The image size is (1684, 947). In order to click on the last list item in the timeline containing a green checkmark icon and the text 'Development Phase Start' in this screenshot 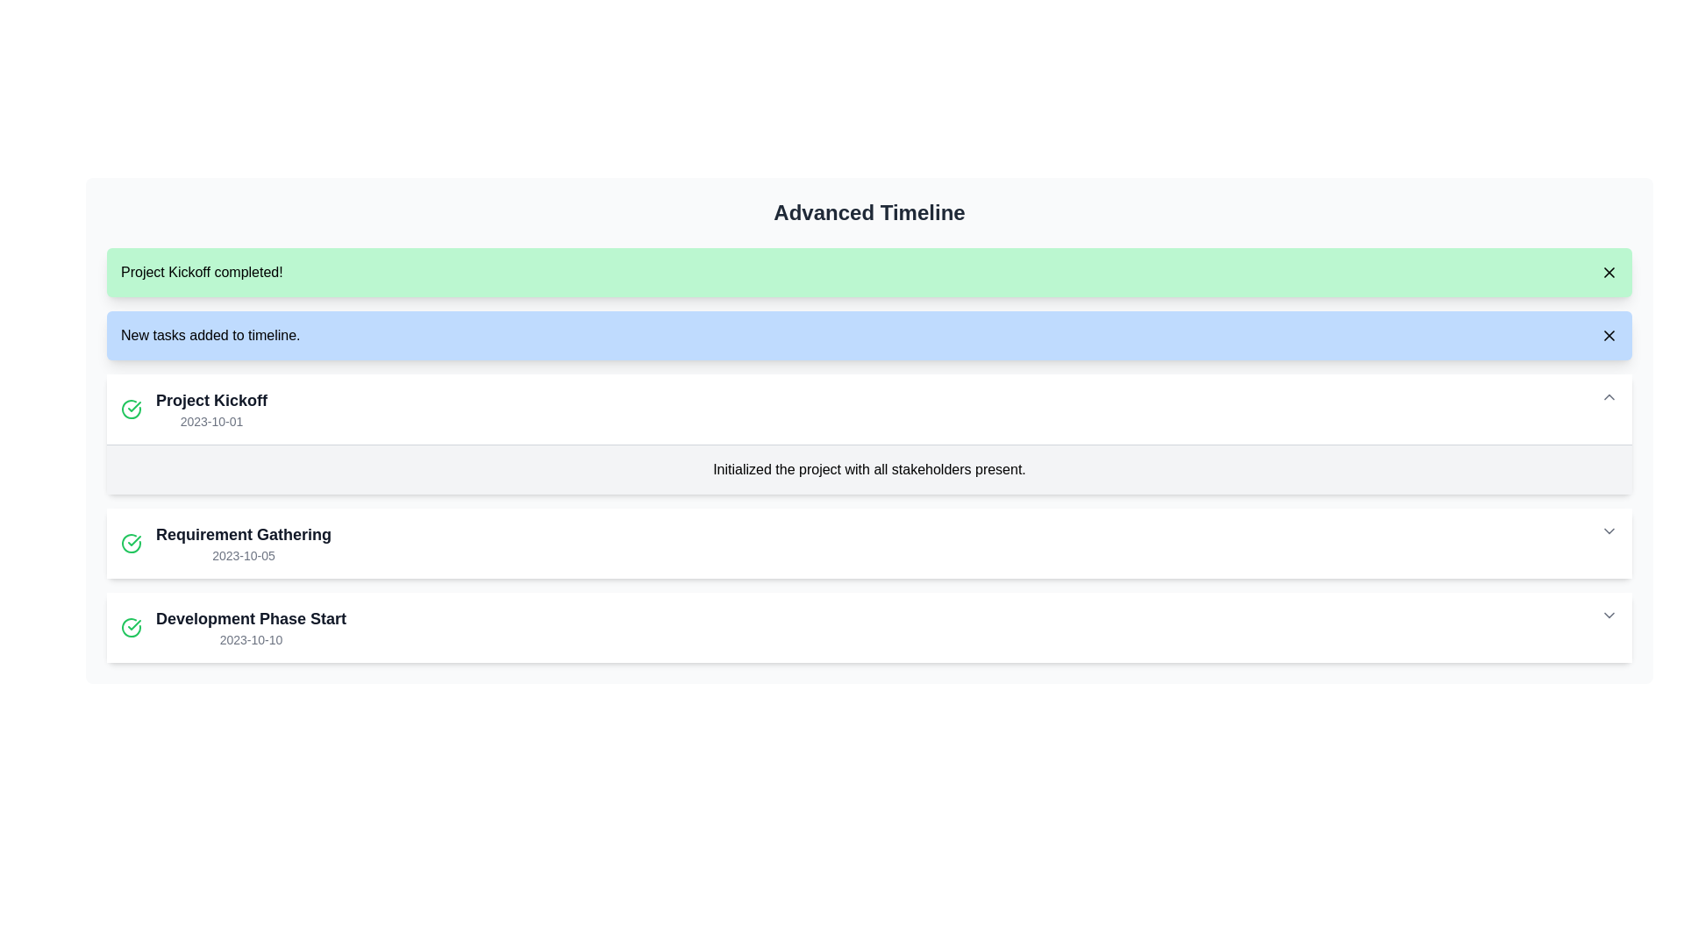, I will do `click(232, 627)`.